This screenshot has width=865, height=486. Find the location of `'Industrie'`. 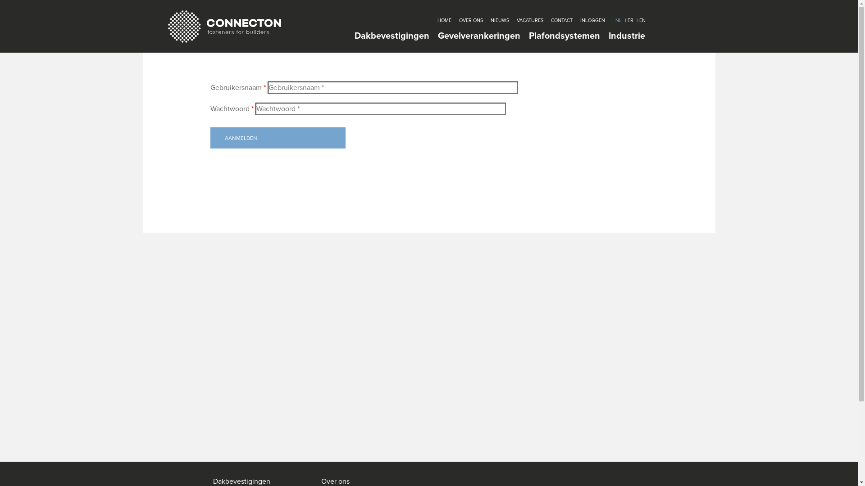

'Industrie' is located at coordinates (626, 36).